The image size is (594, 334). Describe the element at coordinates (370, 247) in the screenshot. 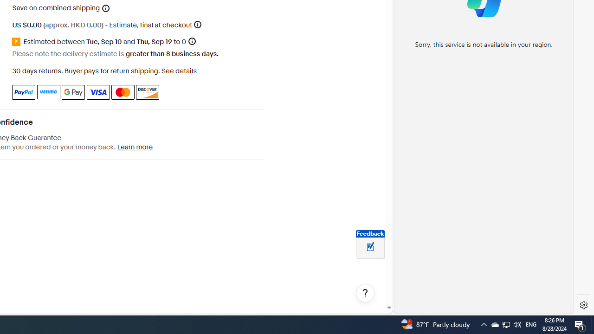

I see `'Leave feedback about your eBay ViewItem experience'` at that location.